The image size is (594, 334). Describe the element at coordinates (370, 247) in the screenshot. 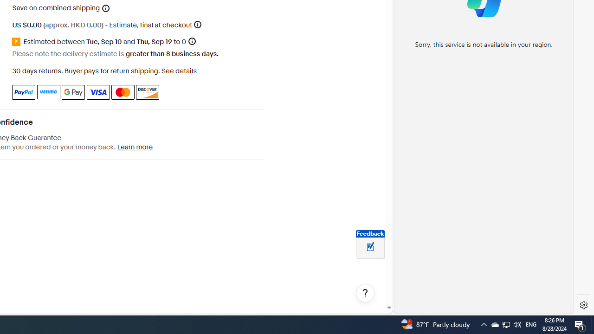

I see `'Leave feedback about your eBay ViewItem experience'` at that location.